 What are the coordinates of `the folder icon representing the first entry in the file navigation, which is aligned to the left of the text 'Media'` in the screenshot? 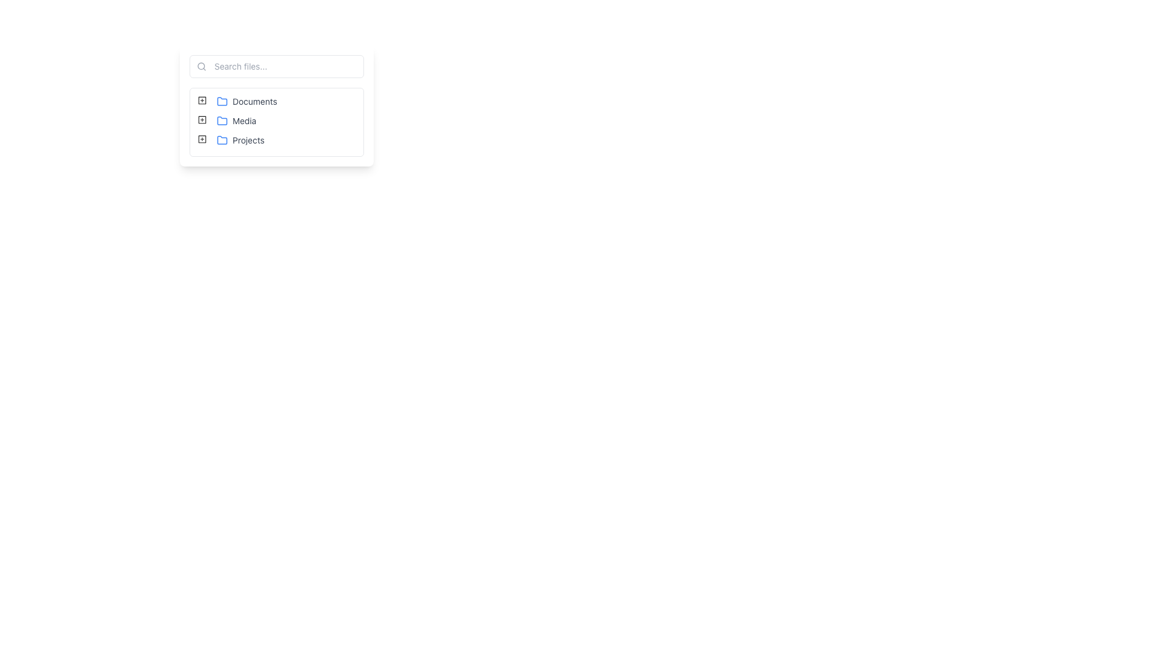 It's located at (222, 100).